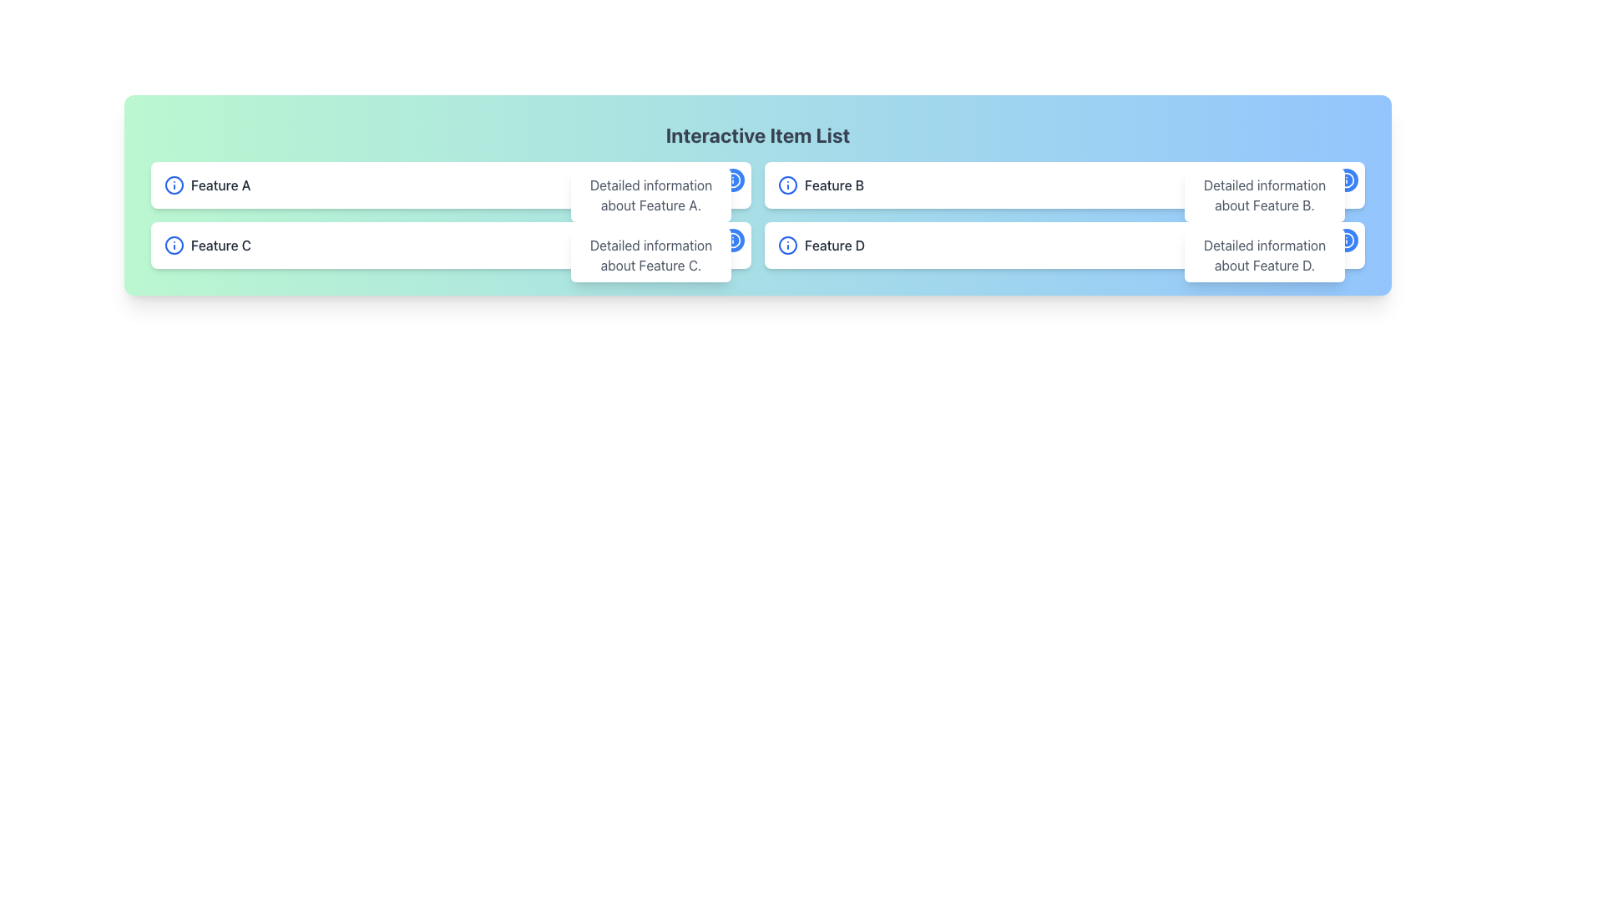  What do you see at coordinates (733, 241) in the screenshot?
I see `the rightmost information icon in the row related to 'Detailed information about Feature D'` at bounding box center [733, 241].